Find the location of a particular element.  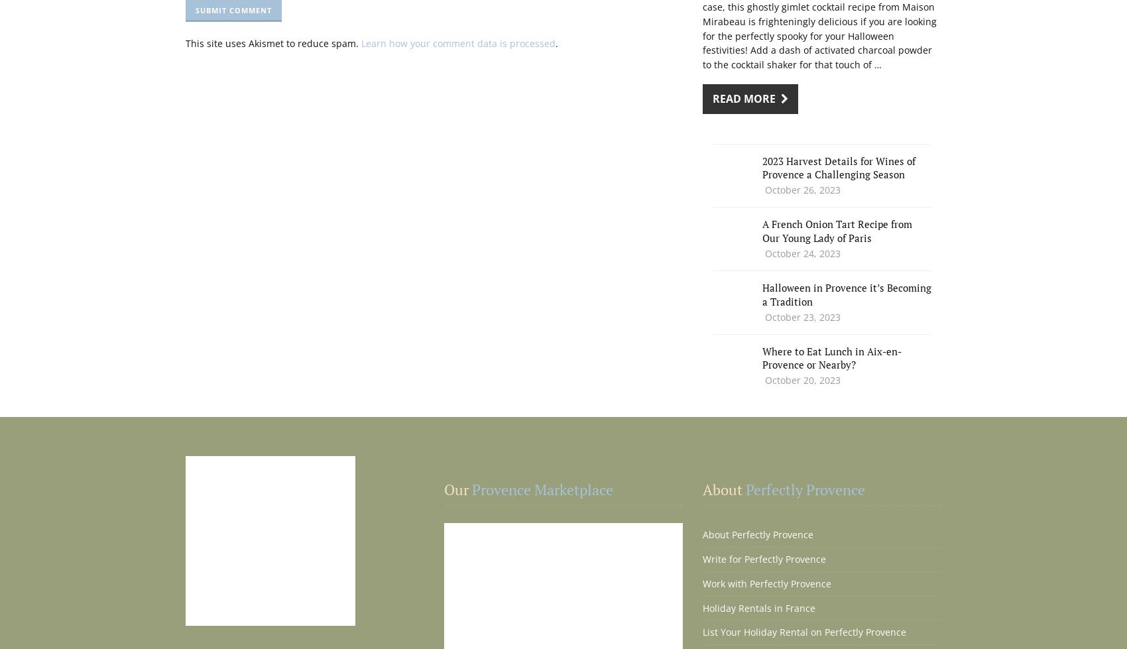

'Perfectly Provence' is located at coordinates (804, 489).